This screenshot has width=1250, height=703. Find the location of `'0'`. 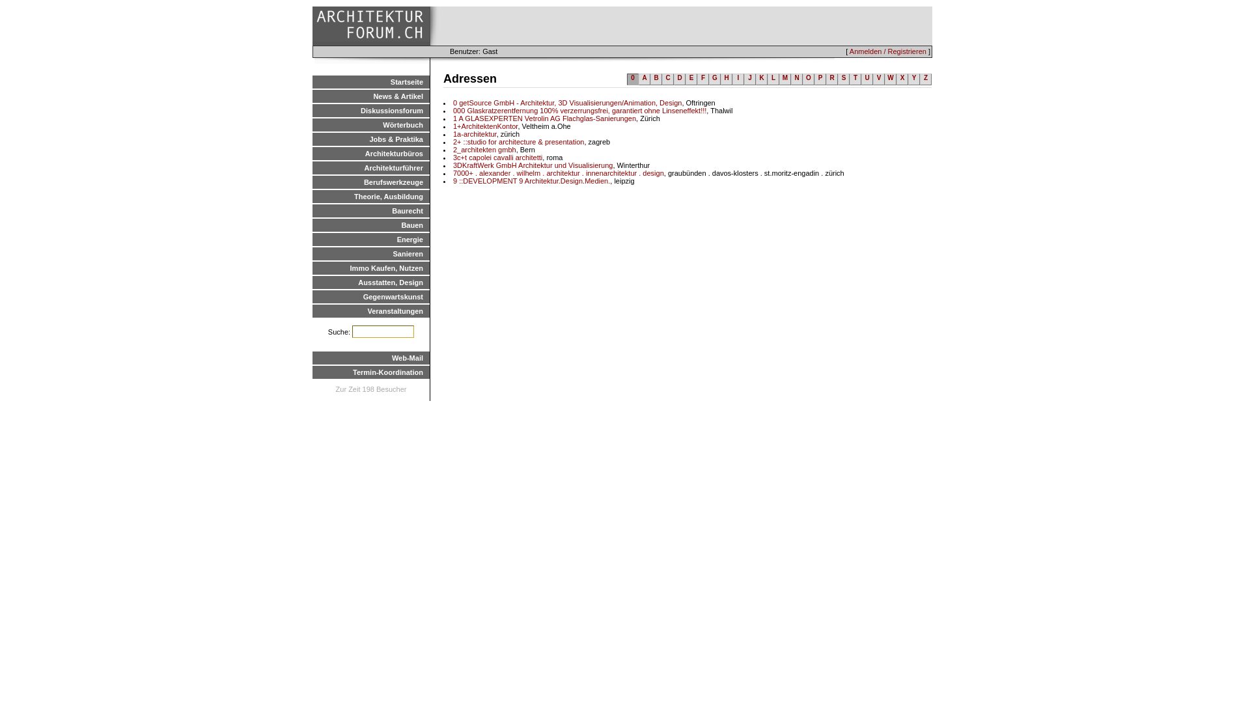

'0' is located at coordinates (633, 79).